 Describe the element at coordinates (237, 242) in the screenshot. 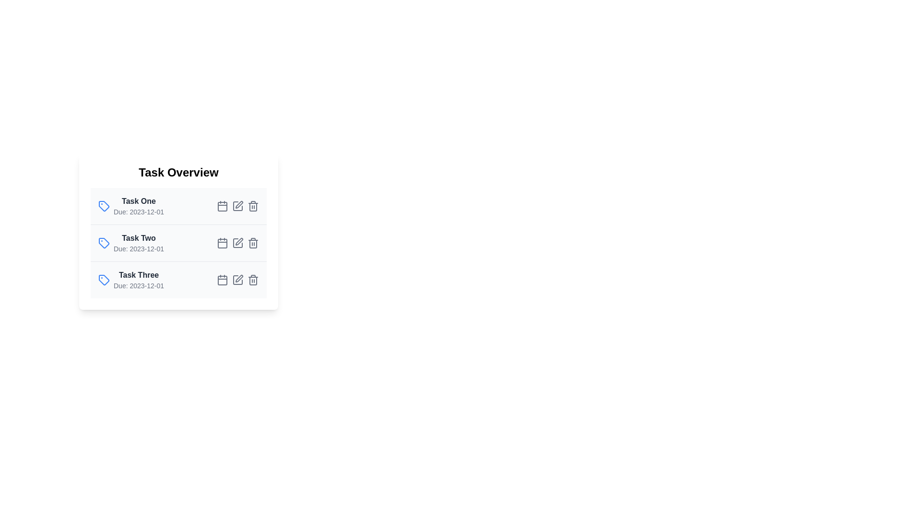

I see `the edit button represented by a pencil icon, which is located in the second row of the task list, centrally positioned between the calendar icon on the left and the trash icon on the right` at that location.